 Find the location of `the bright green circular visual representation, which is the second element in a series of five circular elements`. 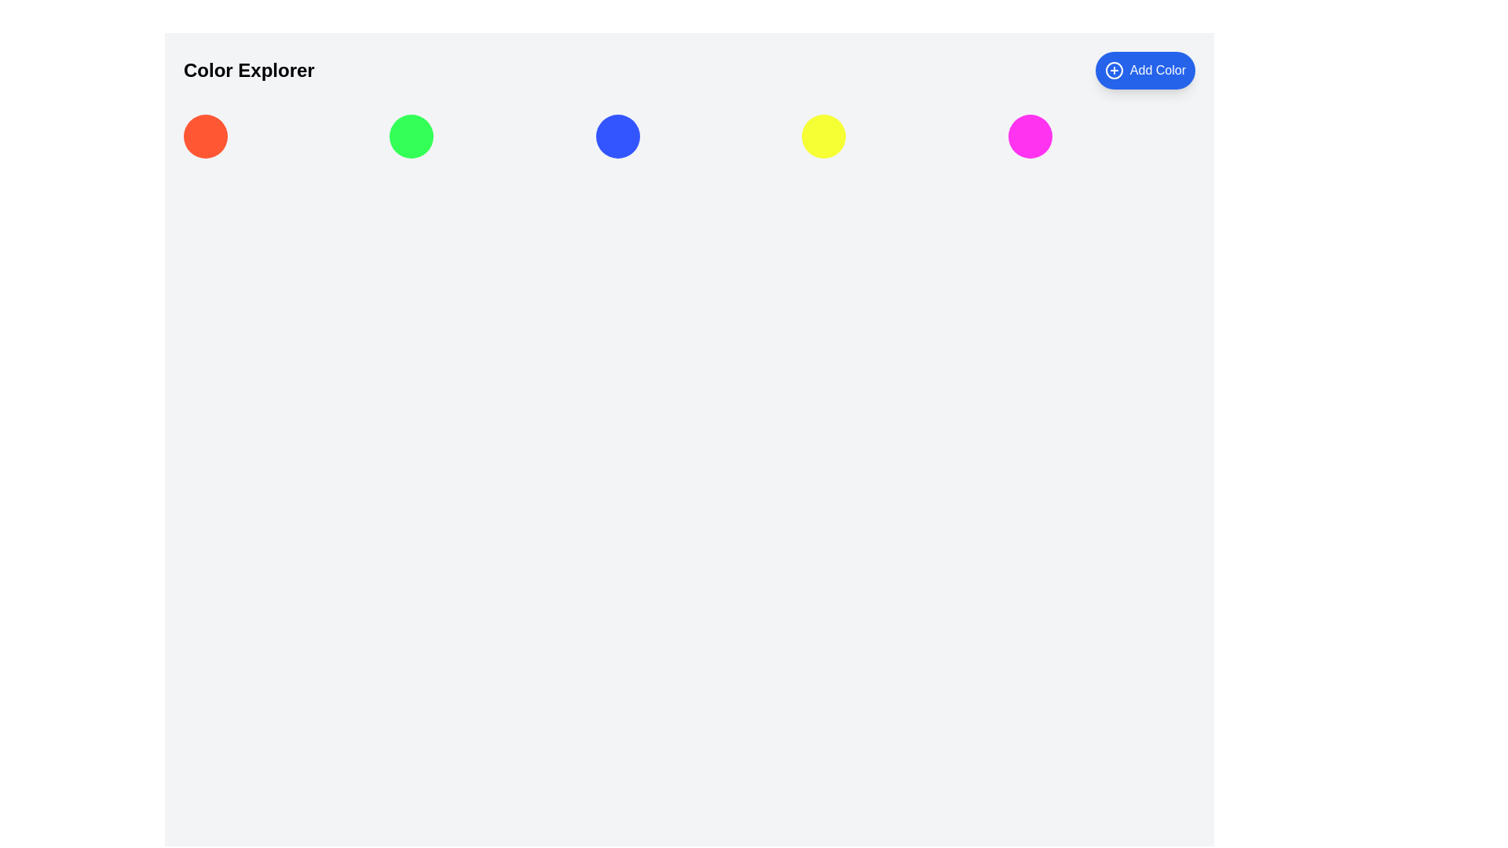

the bright green circular visual representation, which is the second element in a series of five circular elements is located at coordinates (412, 135).